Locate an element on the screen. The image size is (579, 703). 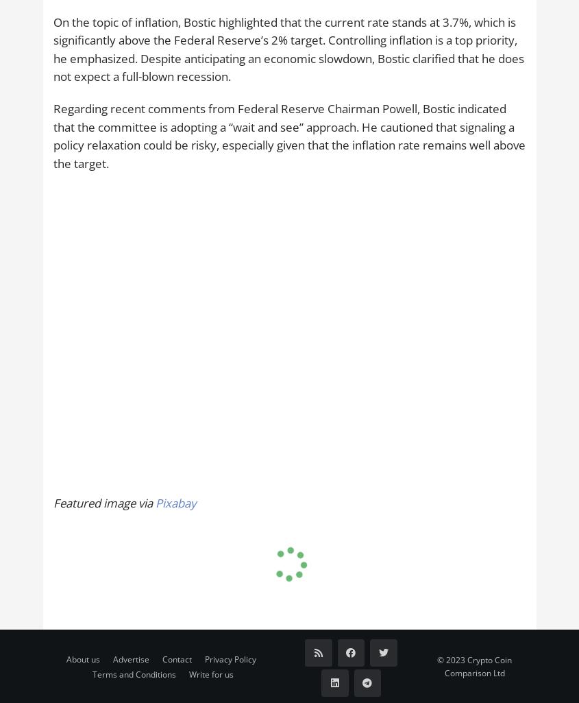
'Advertise' is located at coordinates (130, 658).